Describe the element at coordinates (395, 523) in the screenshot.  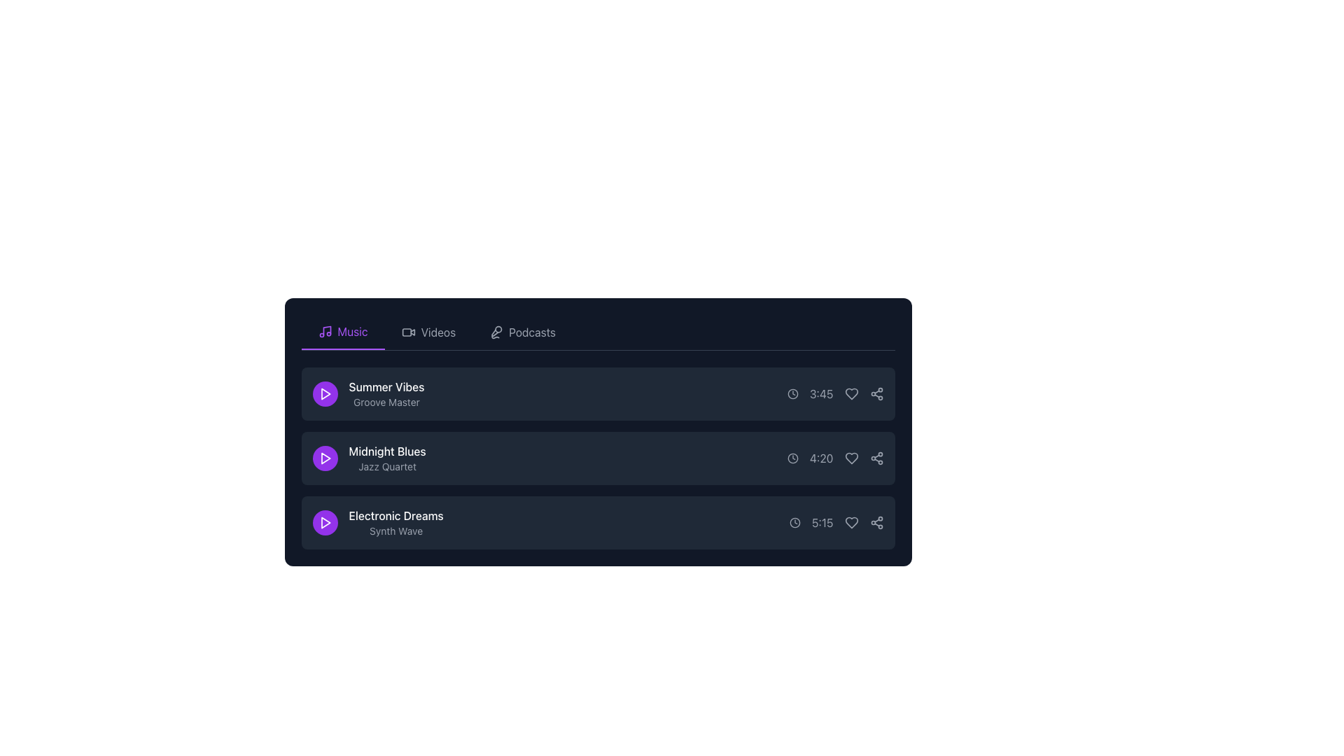
I see `the text display component that represents the title and description of a music track, positioned below 'Summer Vibes' and 'Midnight Blues', and to the right of the circular purple play button` at that location.